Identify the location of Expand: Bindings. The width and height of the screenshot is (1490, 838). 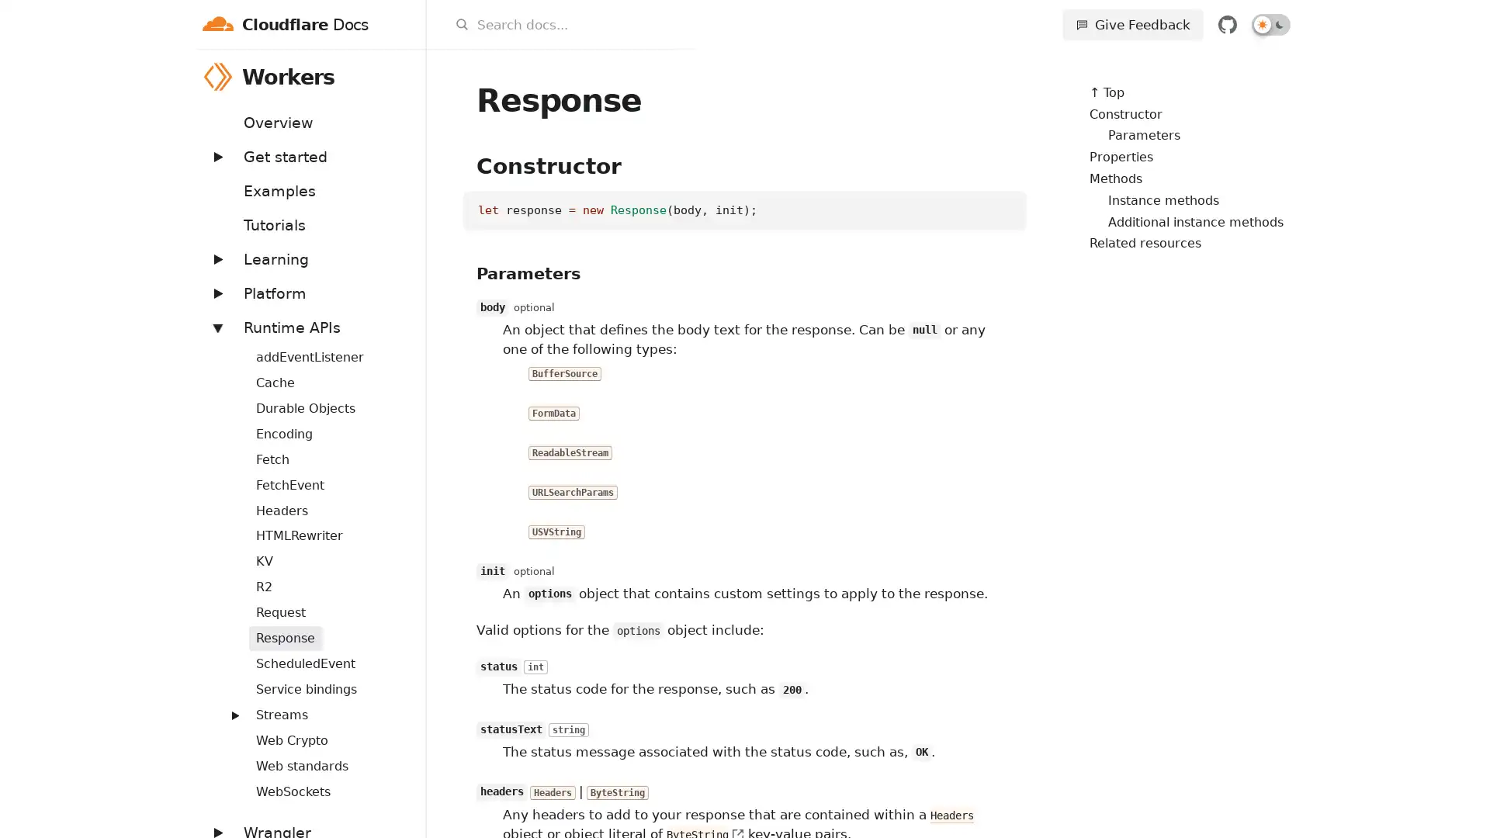
(226, 347).